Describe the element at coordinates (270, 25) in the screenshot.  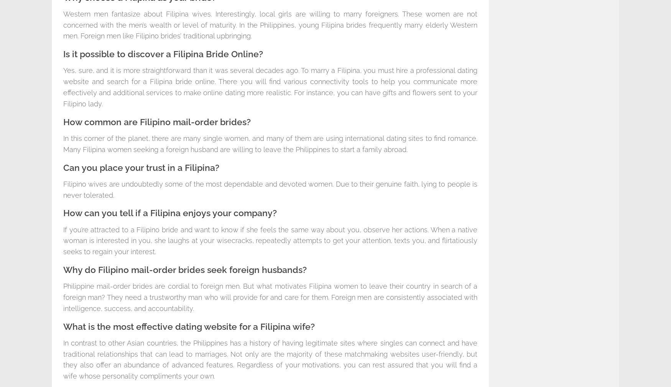
I see `'Western men fantasize about Filipina wives. Interestingly, local girls are willing to marry foreigners. These women are not concerned with the men’s wealth or level of maturity. In the Philippines, young Filipina brides frequently marry elderly Western men. Foreign men like Filipino brides’ traditional upbringing.'` at that location.